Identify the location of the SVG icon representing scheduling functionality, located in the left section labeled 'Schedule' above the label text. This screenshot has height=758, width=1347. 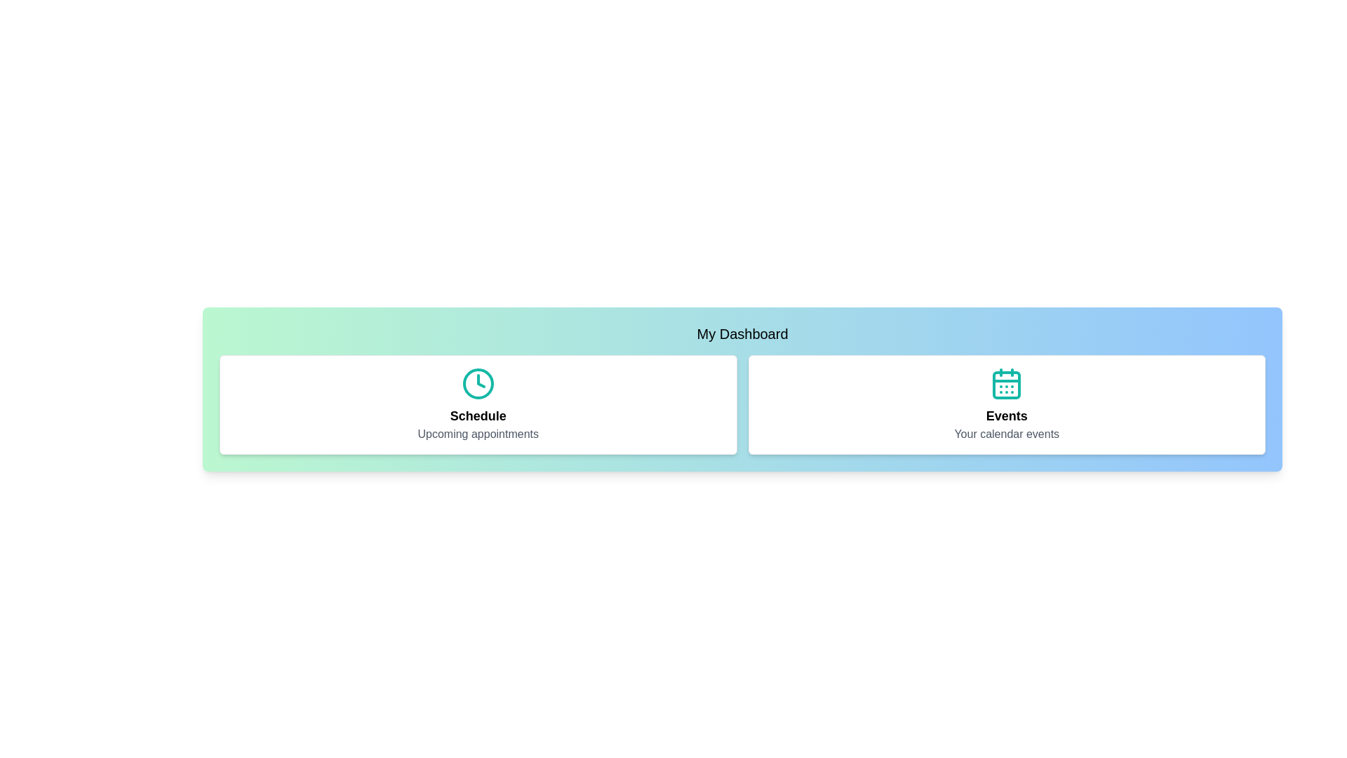
(478, 384).